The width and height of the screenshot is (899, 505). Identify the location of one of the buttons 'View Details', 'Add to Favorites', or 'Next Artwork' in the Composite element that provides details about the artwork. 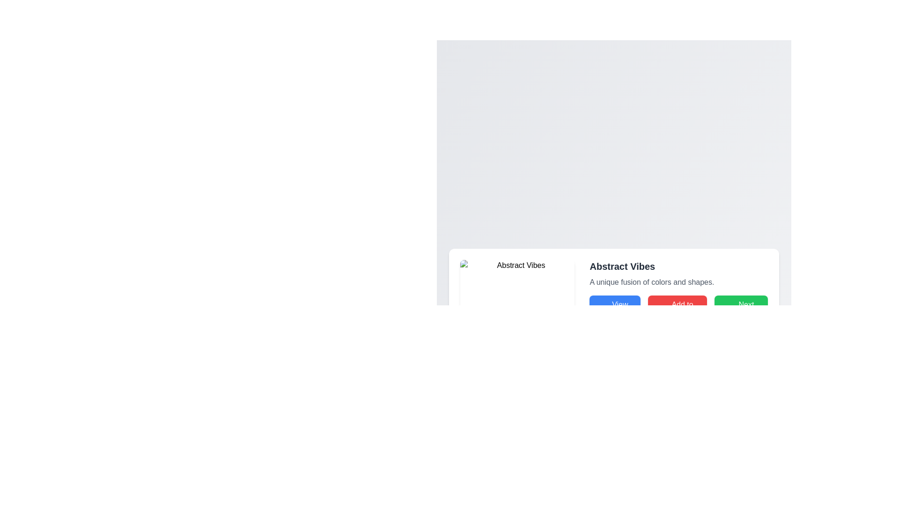
(678, 292).